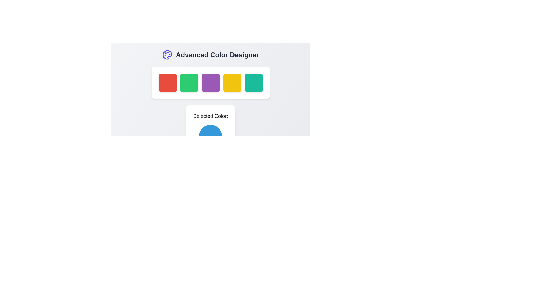 The width and height of the screenshot is (544, 306). I want to click on the blue circular Color Display labeled 'Selected Color', which is centrally aligned below the color swatches, so click(210, 130).